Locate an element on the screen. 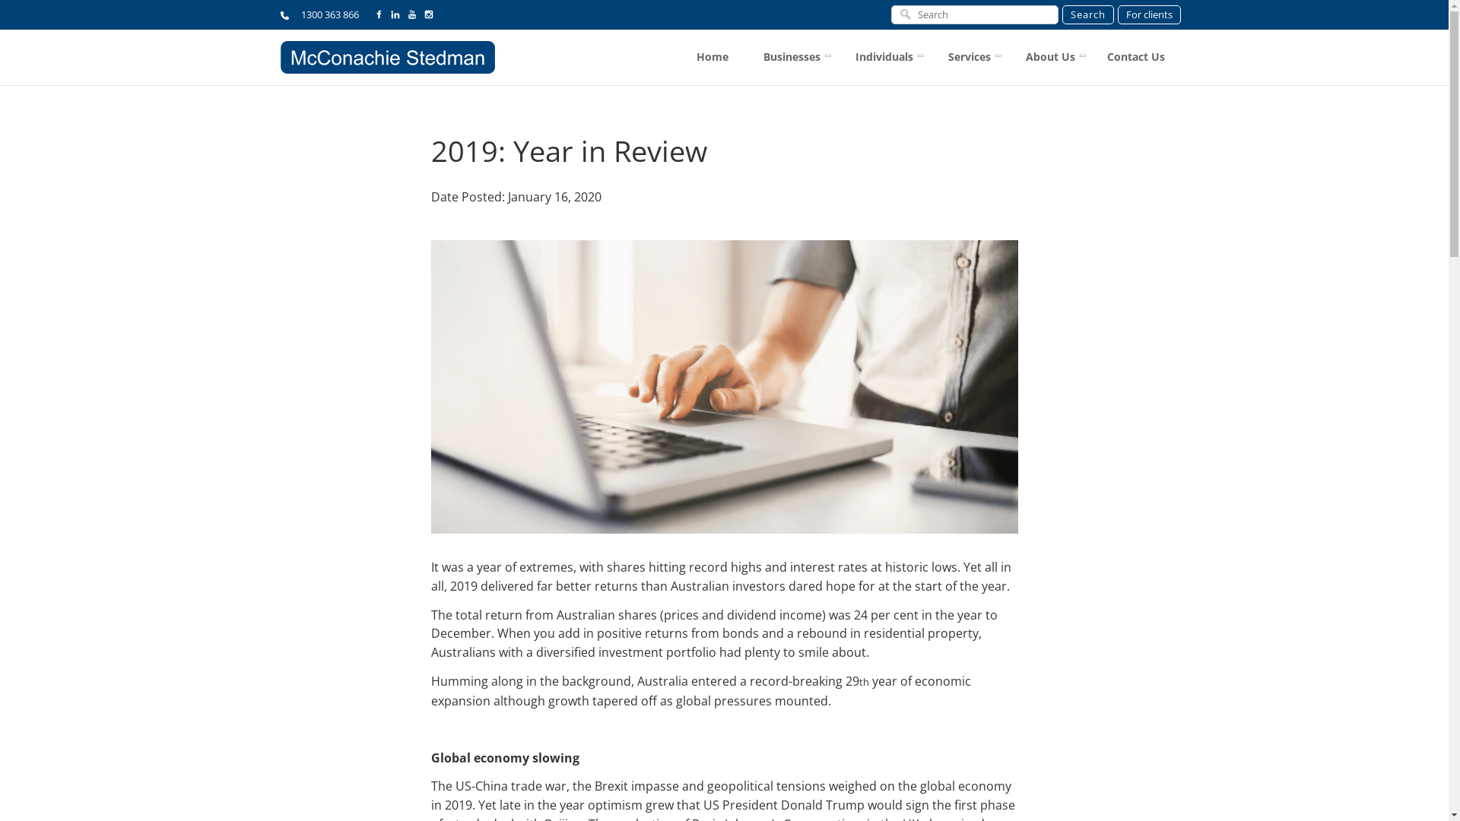 This screenshot has width=1460, height=821. 'Youtube' is located at coordinates (412, 14).